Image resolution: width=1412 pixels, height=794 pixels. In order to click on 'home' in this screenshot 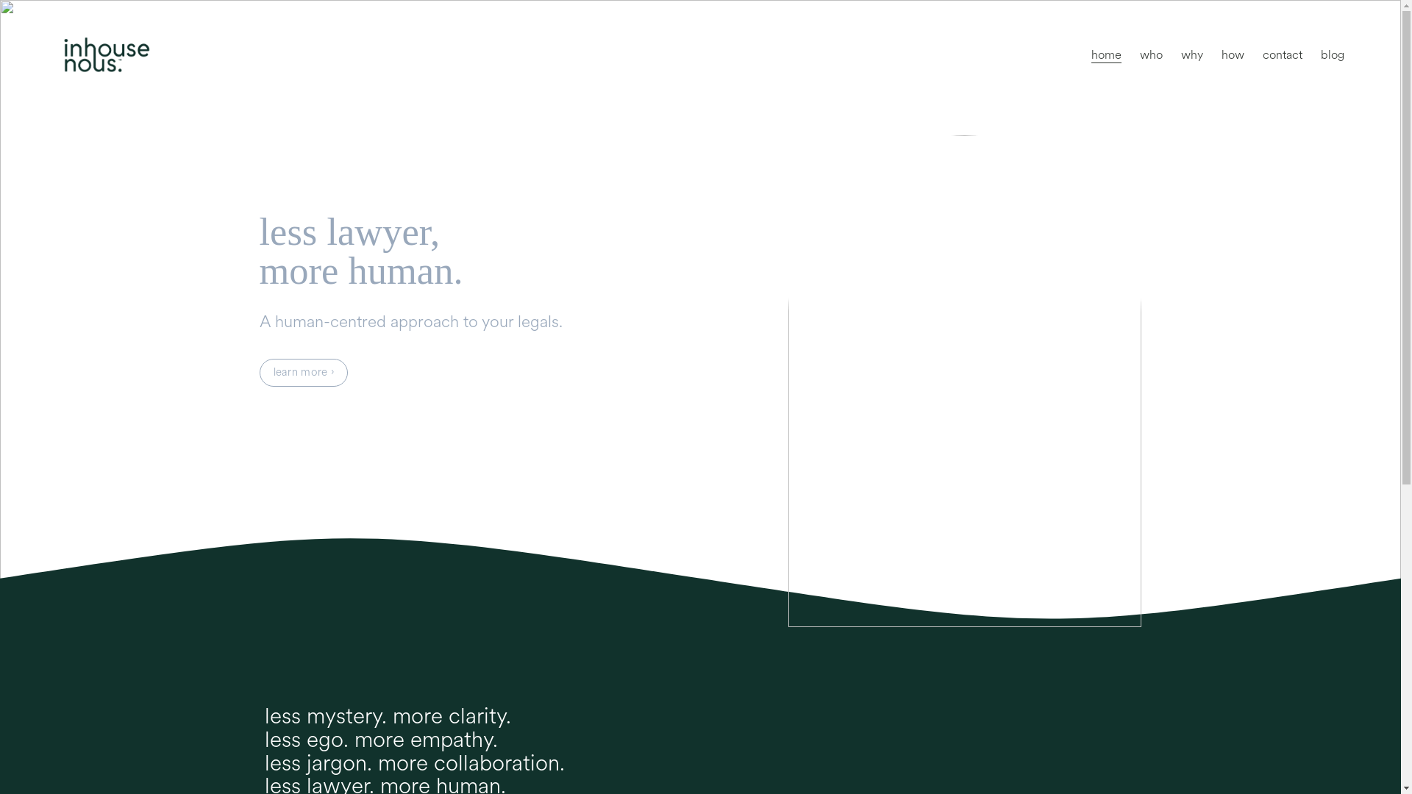, I will do `click(1106, 54)`.